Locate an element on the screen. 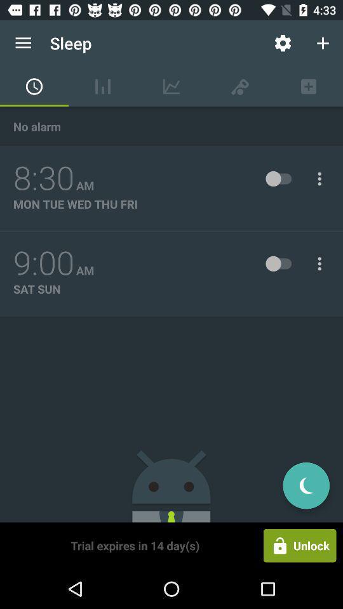  the icon above the mon tue wed item is located at coordinates (43, 178).